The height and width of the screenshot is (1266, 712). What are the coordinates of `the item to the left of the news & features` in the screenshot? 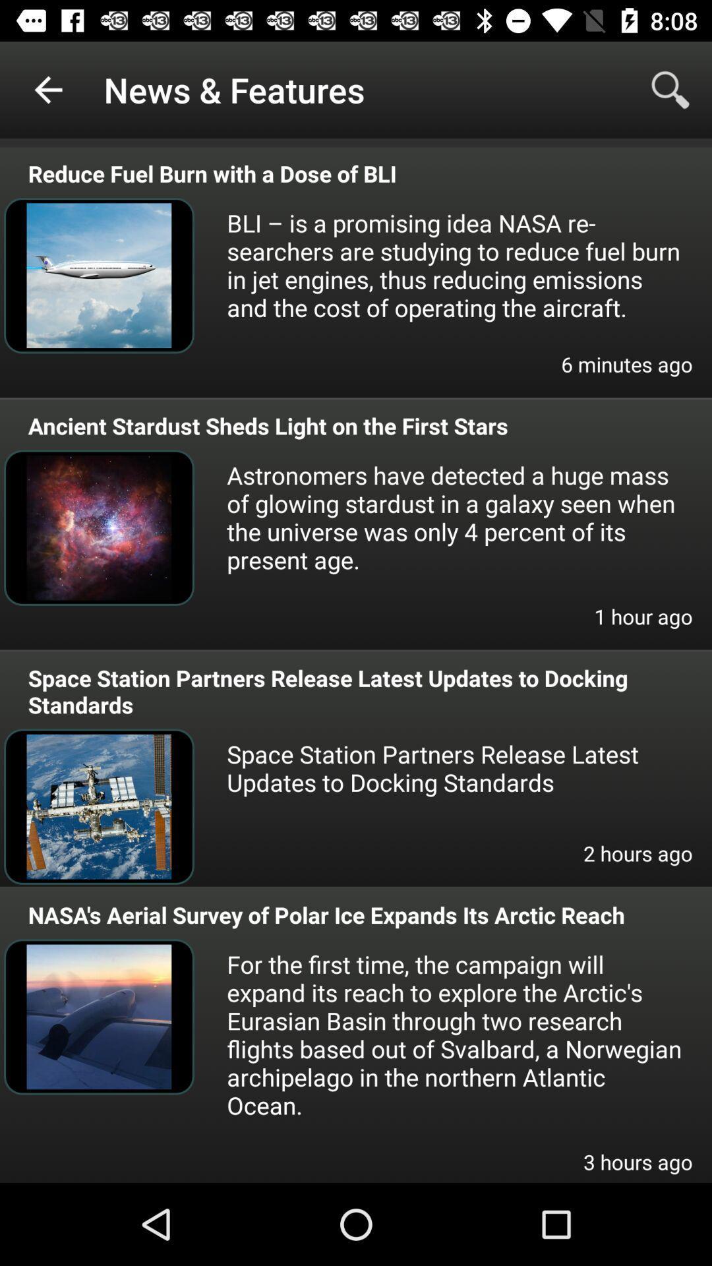 It's located at (47, 89).